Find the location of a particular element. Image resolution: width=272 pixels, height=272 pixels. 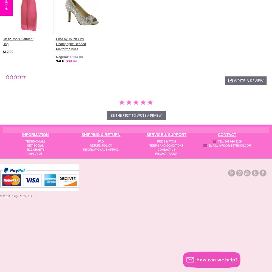

'$134.00' is located at coordinates (70, 56).